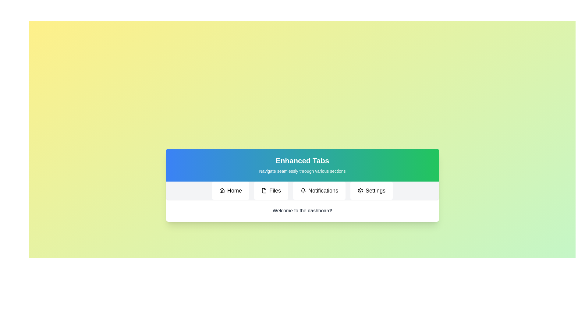 This screenshot has width=585, height=329. I want to click on the Interactive tab button, which is the second tab in the horizontal navigation bar, so click(271, 190).